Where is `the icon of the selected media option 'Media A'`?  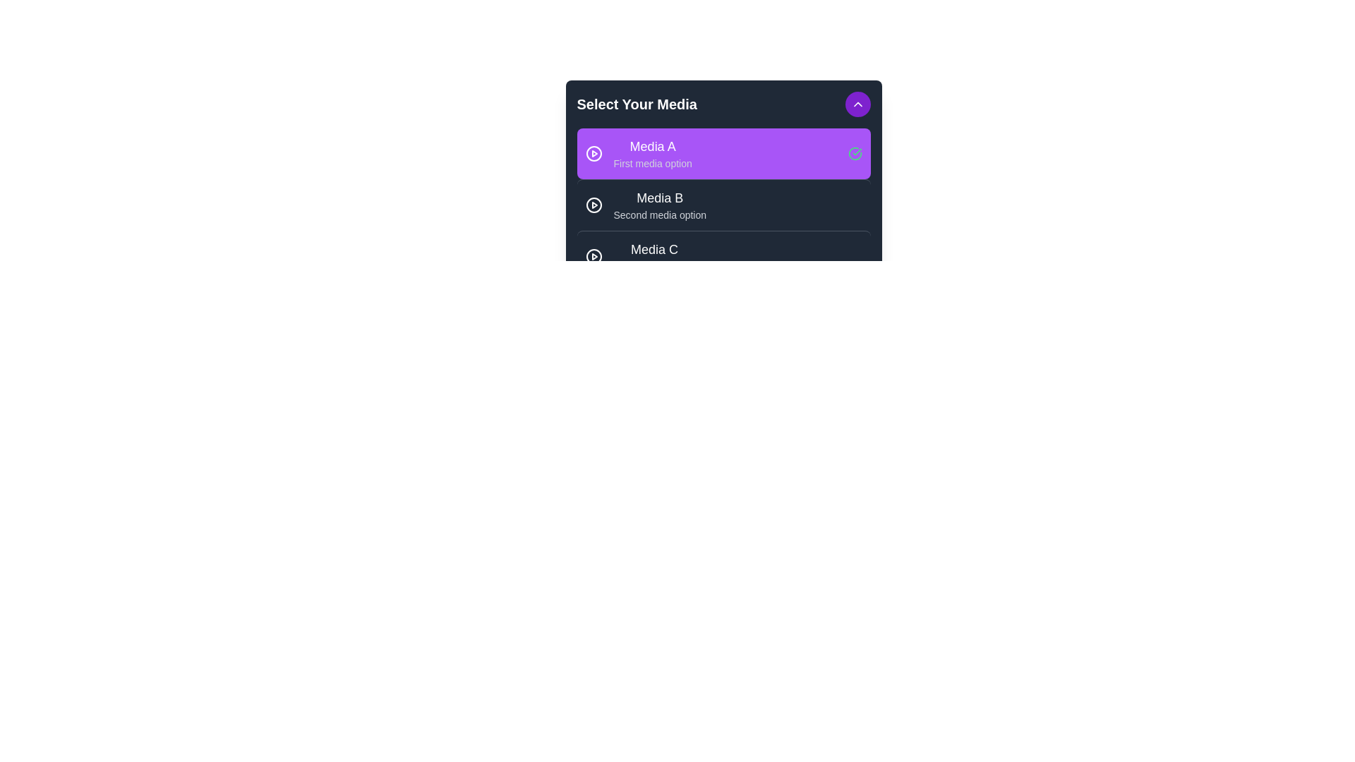 the icon of the selected media option 'Media A' is located at coordinates (594, 154).